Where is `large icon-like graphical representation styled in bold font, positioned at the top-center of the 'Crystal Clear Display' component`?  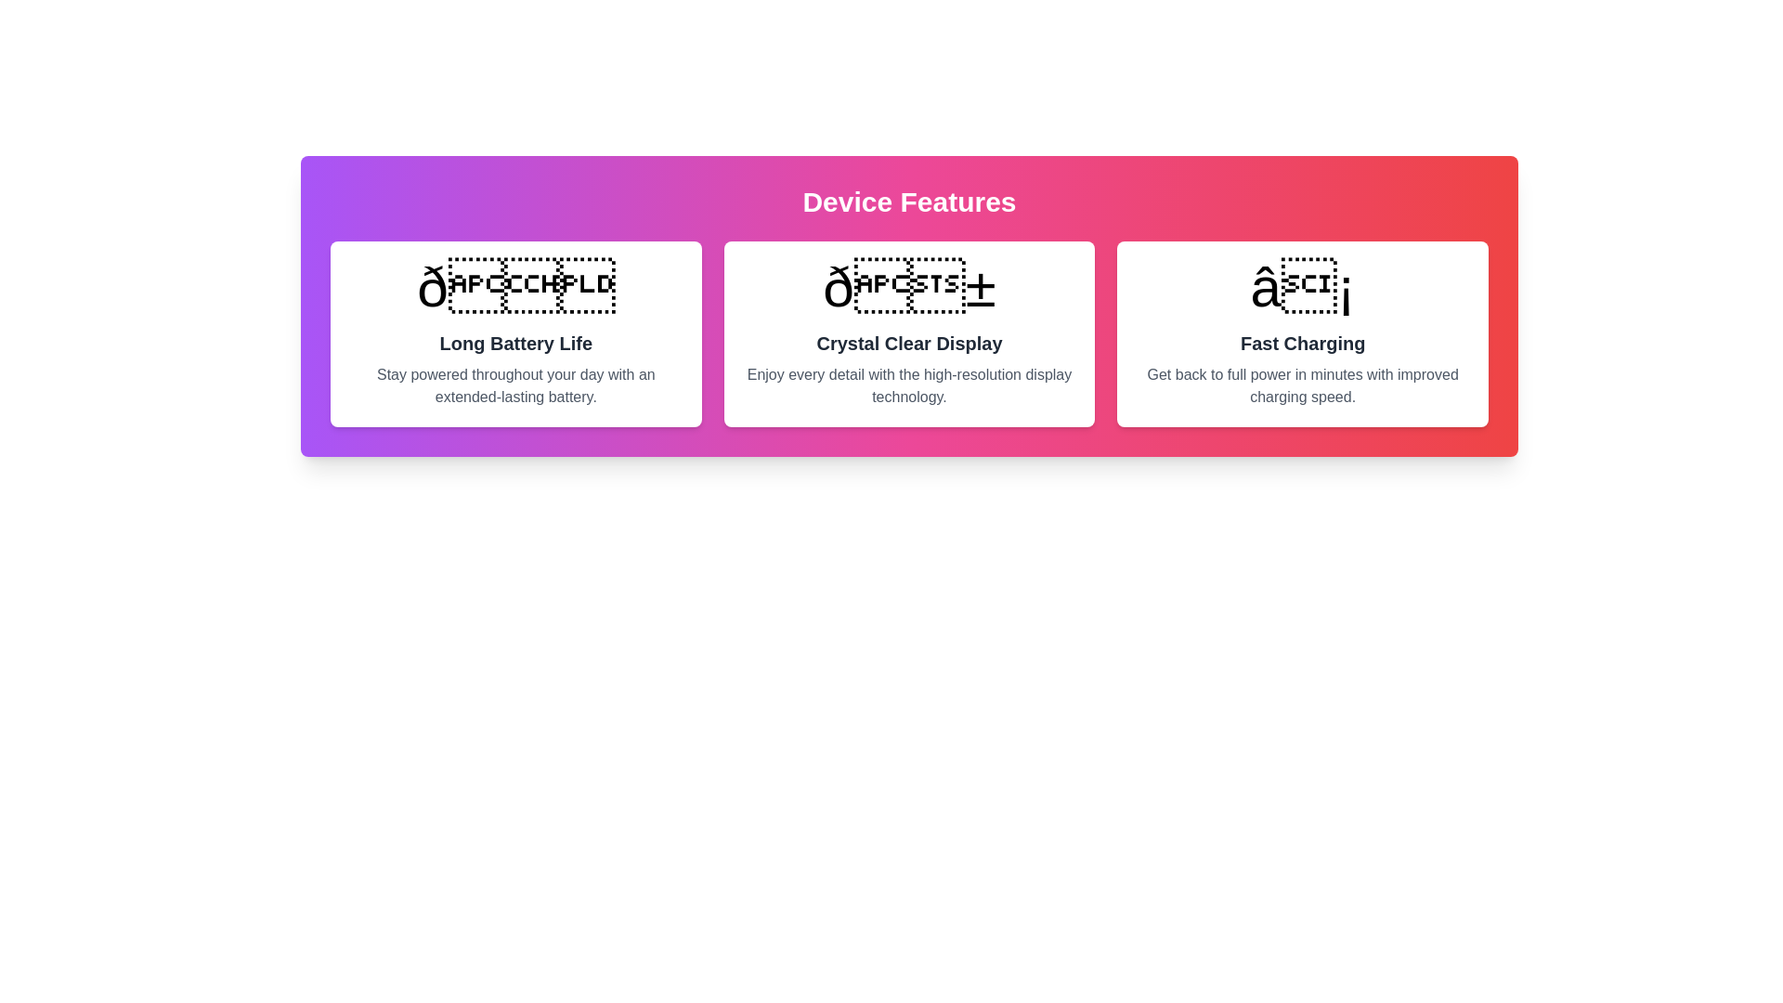 large icon-like graphical representation styled in bold font, positioned at the top-center of the 'Crystal Clear Display' component is located at coordinates (909, 287).